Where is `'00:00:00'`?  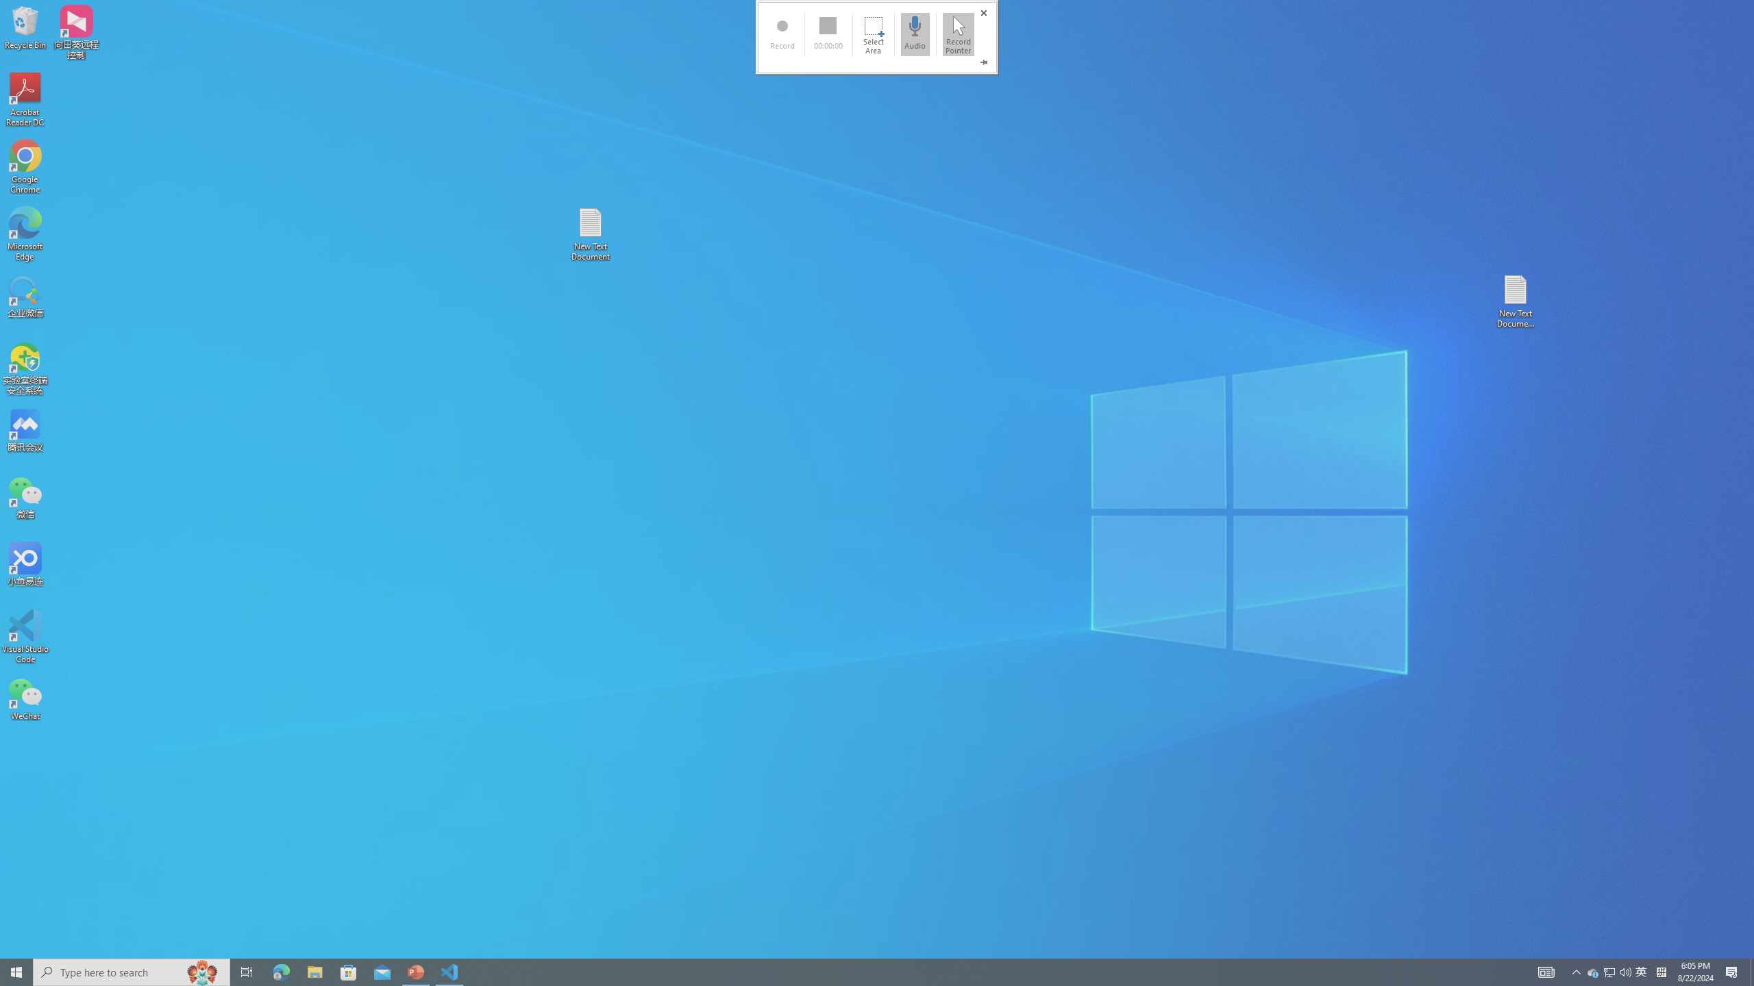 '00:00:00' is located at coordinates (827, 34).